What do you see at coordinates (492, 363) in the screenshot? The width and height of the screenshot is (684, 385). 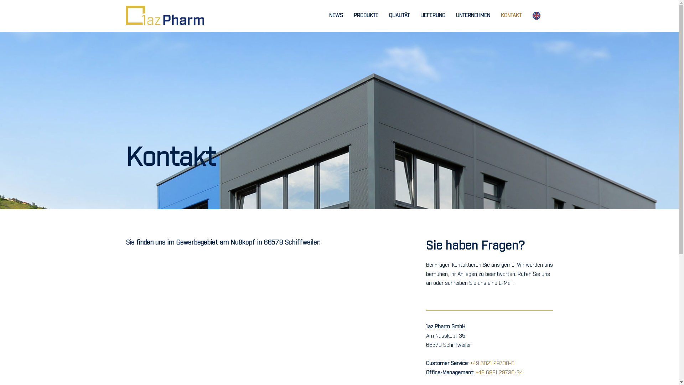 I see `'+49 6821 29730-0'` at bounding box center [492, 363].